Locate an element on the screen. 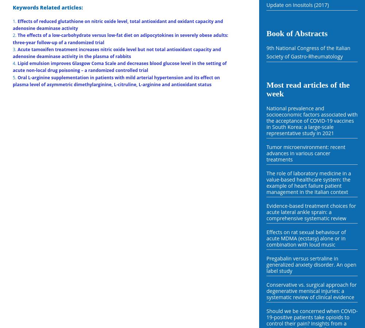 This screenshot has height=328, width=365. 'Lipid emulsion improves Glasgow Coma Scale and decreases blood glucose level in the setting of acute non-local drug poisoning – a randomized controlled trial' is located at coordinates (119, 66).